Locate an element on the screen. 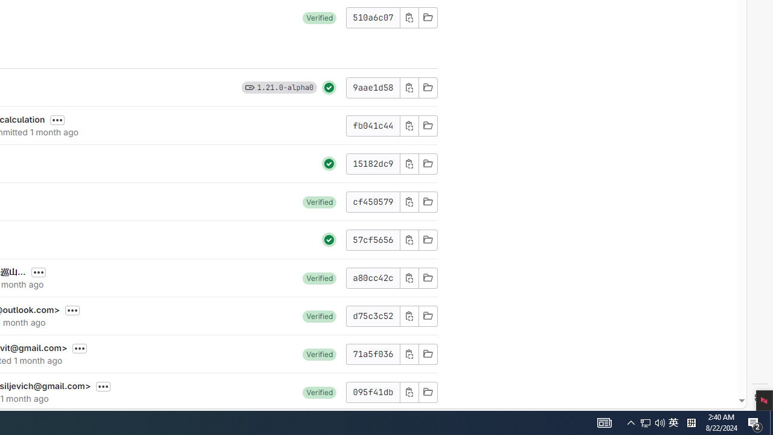  'Class: s16 gl-icon gl-button-icon ' is located at coordinates (409, 391).